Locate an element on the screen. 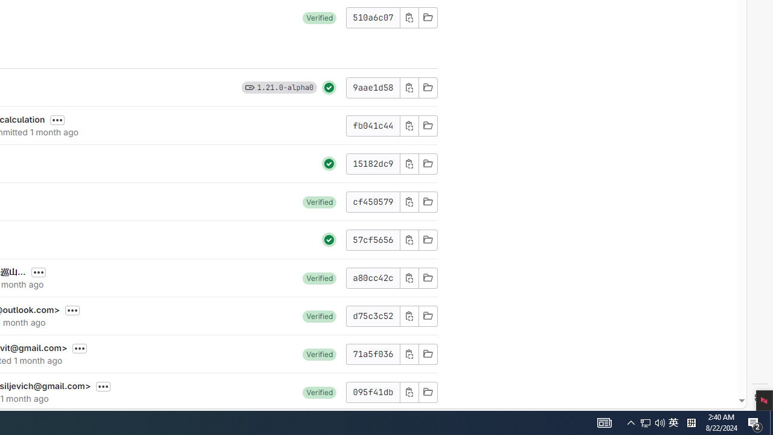  'Class: s16 gl-icon gl-button-icon ' is located at coordinates (409, 391).